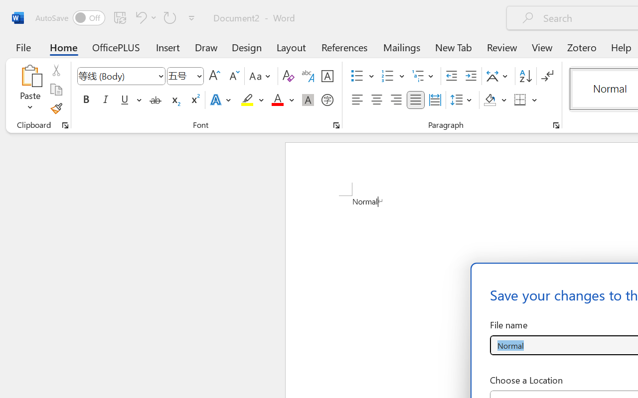  Describe the element at coordinates (139, 17) in the screenshot. I see `'Undo Apply Quick Style'` at that location.